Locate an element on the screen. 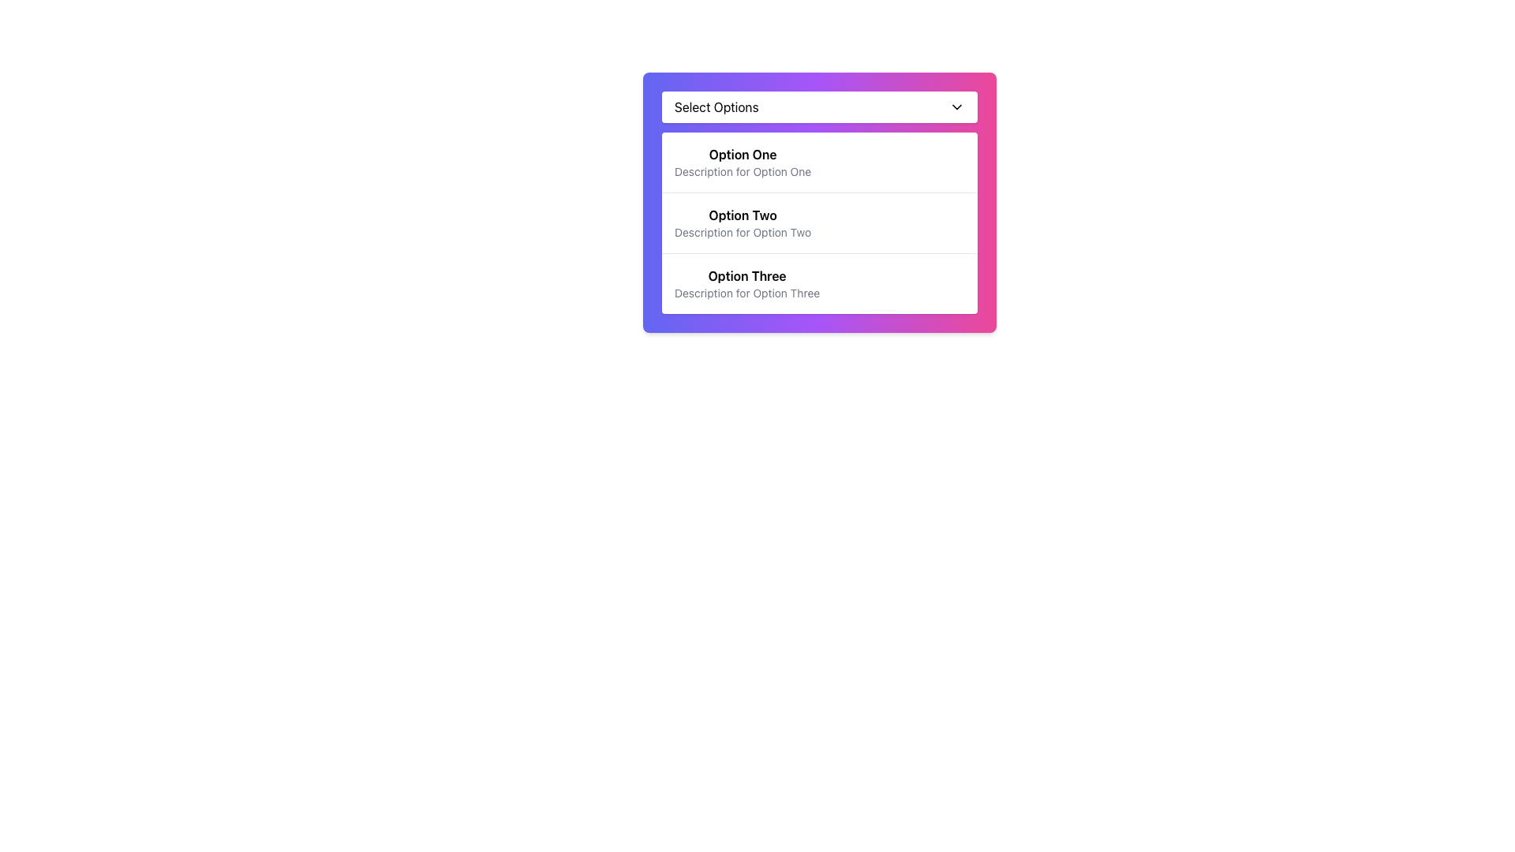 This screenshot has height=852, width=1515. text from the Text Label that provides additional details about 'Option Two' in the dropdown menu, located between 'Option One' and 'Option Three' is located at coordinates (742, 232).